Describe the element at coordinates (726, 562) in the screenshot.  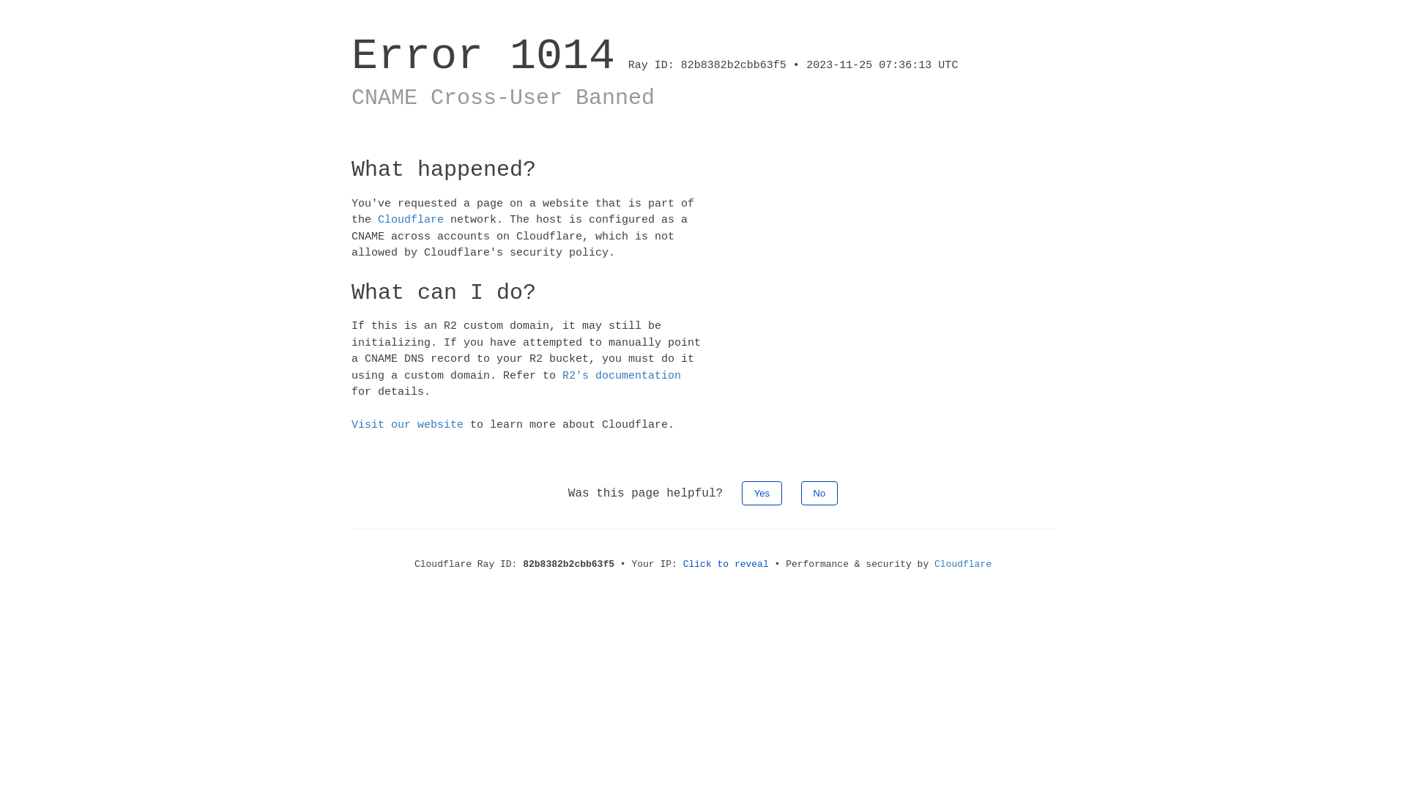
I see `'Click to reveal'` at that location.